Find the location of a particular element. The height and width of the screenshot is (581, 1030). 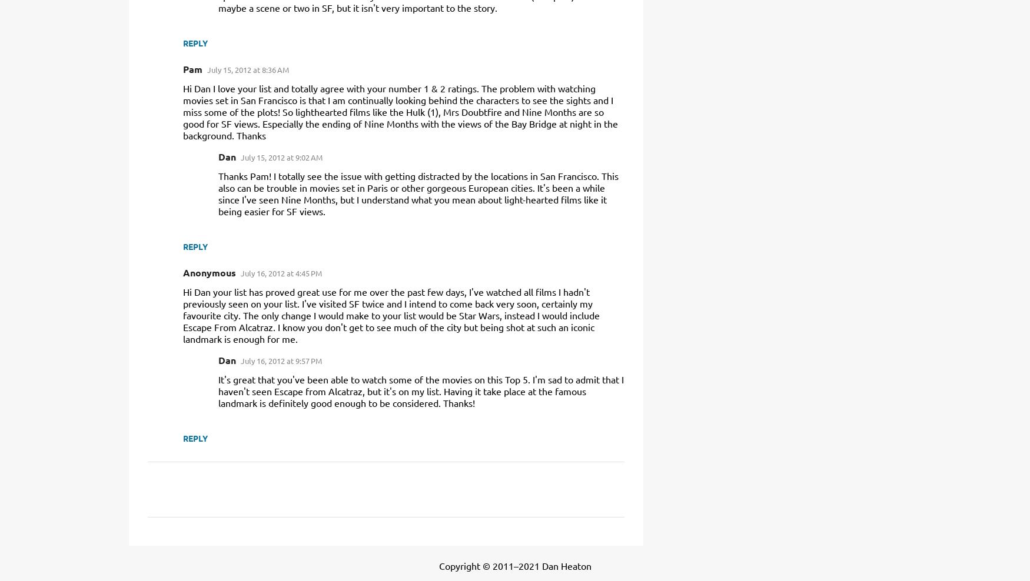

'Hi Dan your list has proved great use for me over the past few days, I've watched all films I hadn't previously seen on your list. I've visited SF twice and I intend to come back very soon, certainly my favourite city. The only change I would make to your list would be Star Wars, instead I would include Escape From Alcatraz. I know you don't get to see much of the city but being shot at such an iconic landmark is enough for me.' is located at coordinates (391, 314).